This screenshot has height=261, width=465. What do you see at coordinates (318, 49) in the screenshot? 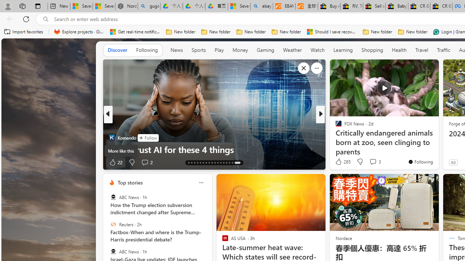
I see `'Watch'` at bounding box center [318, 49].